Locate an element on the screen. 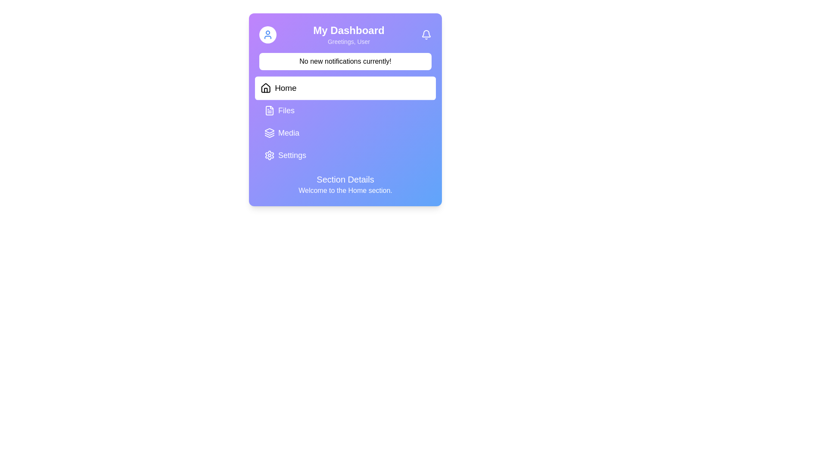 The width and height of the screenshot is (827, 465). the 'Settings' text label, which is the fourth option in the navigational menu within a card UI is located at coordinates (292, 155).